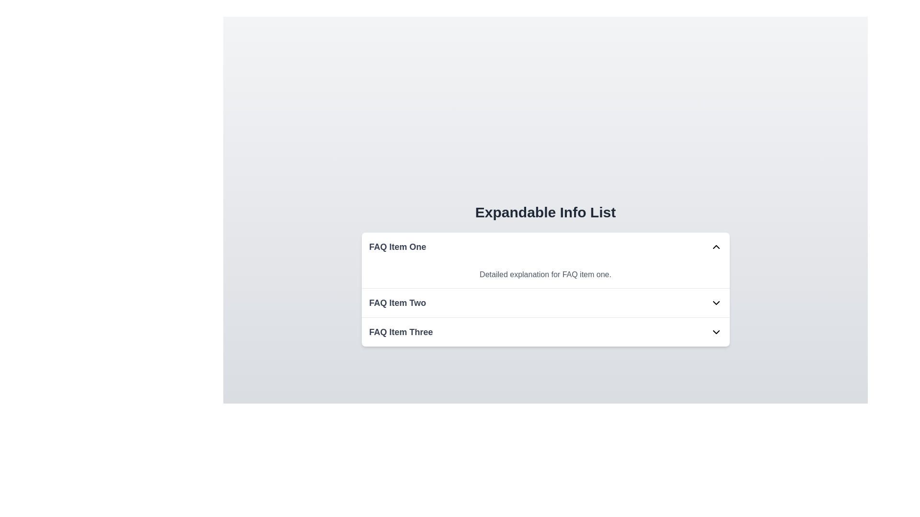 Image resolution: width=920 pixels, height=517 pixels. What do you see at coordinates (716, 332) in the screenshot?
I see `the chevron icon located to the right of 'FAQ Item Three' to potentially see visual feedback for expanding or collapsing the FAQ section` at bounding box center [716, 332].